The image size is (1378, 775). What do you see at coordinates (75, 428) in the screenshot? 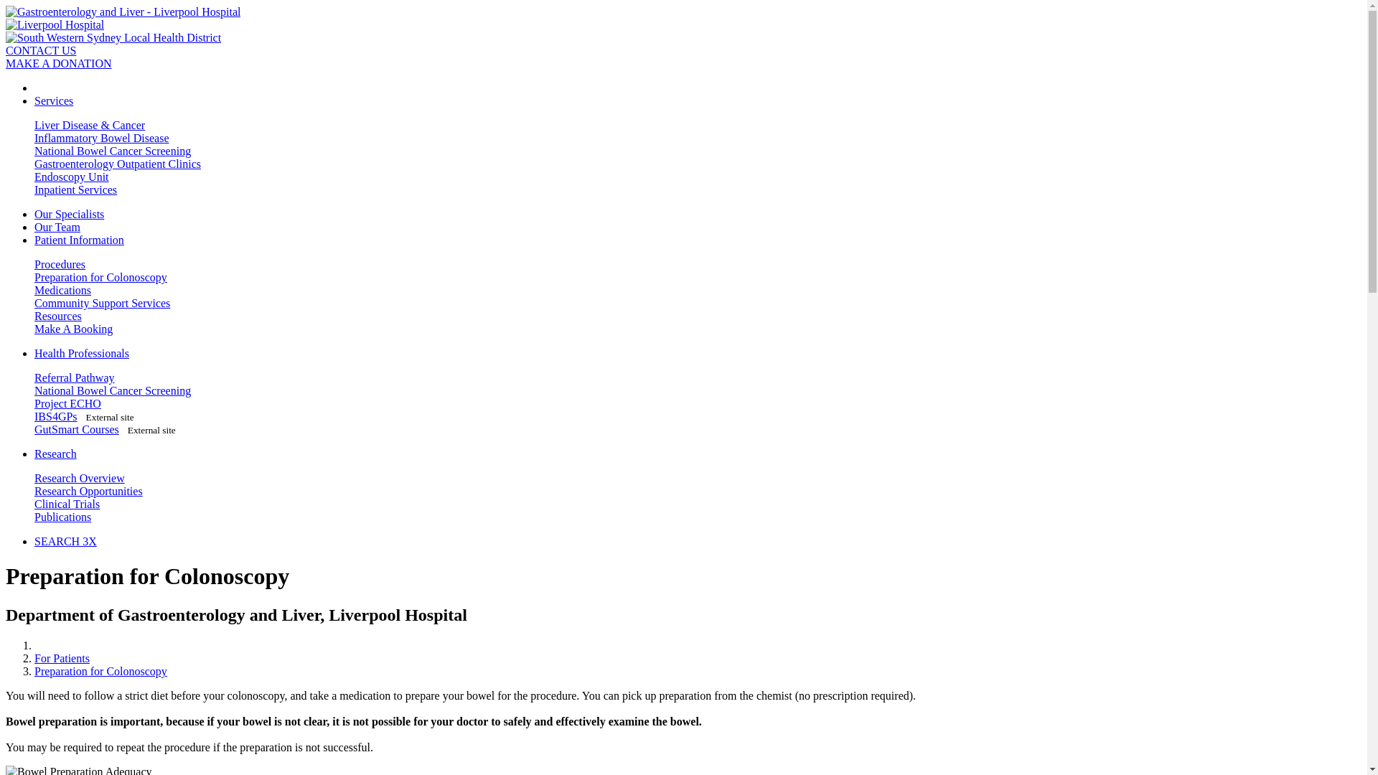
I see `'GutSmart Courses'` at bounding box center [75, 428].